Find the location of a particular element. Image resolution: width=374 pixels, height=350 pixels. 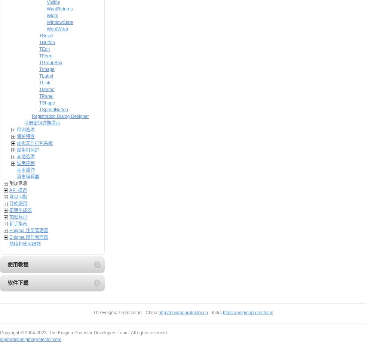

'https://enigmaprotector.in' is located at coordinates (223, 313).